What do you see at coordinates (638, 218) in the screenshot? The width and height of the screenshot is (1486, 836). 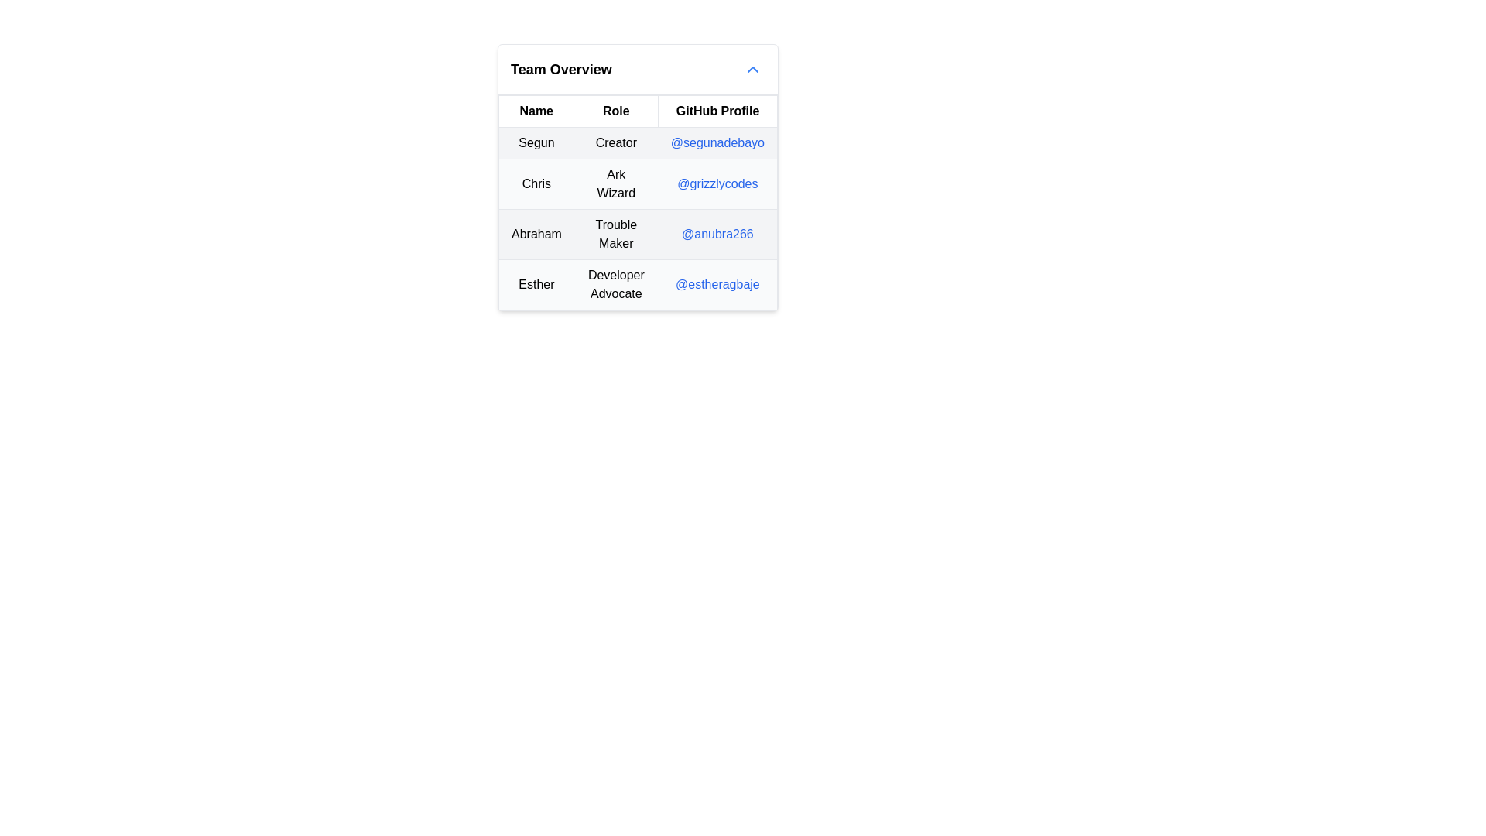 I see `the third data row in the Team Overview table that displays a team's member information` at bounding box center [638, 218].